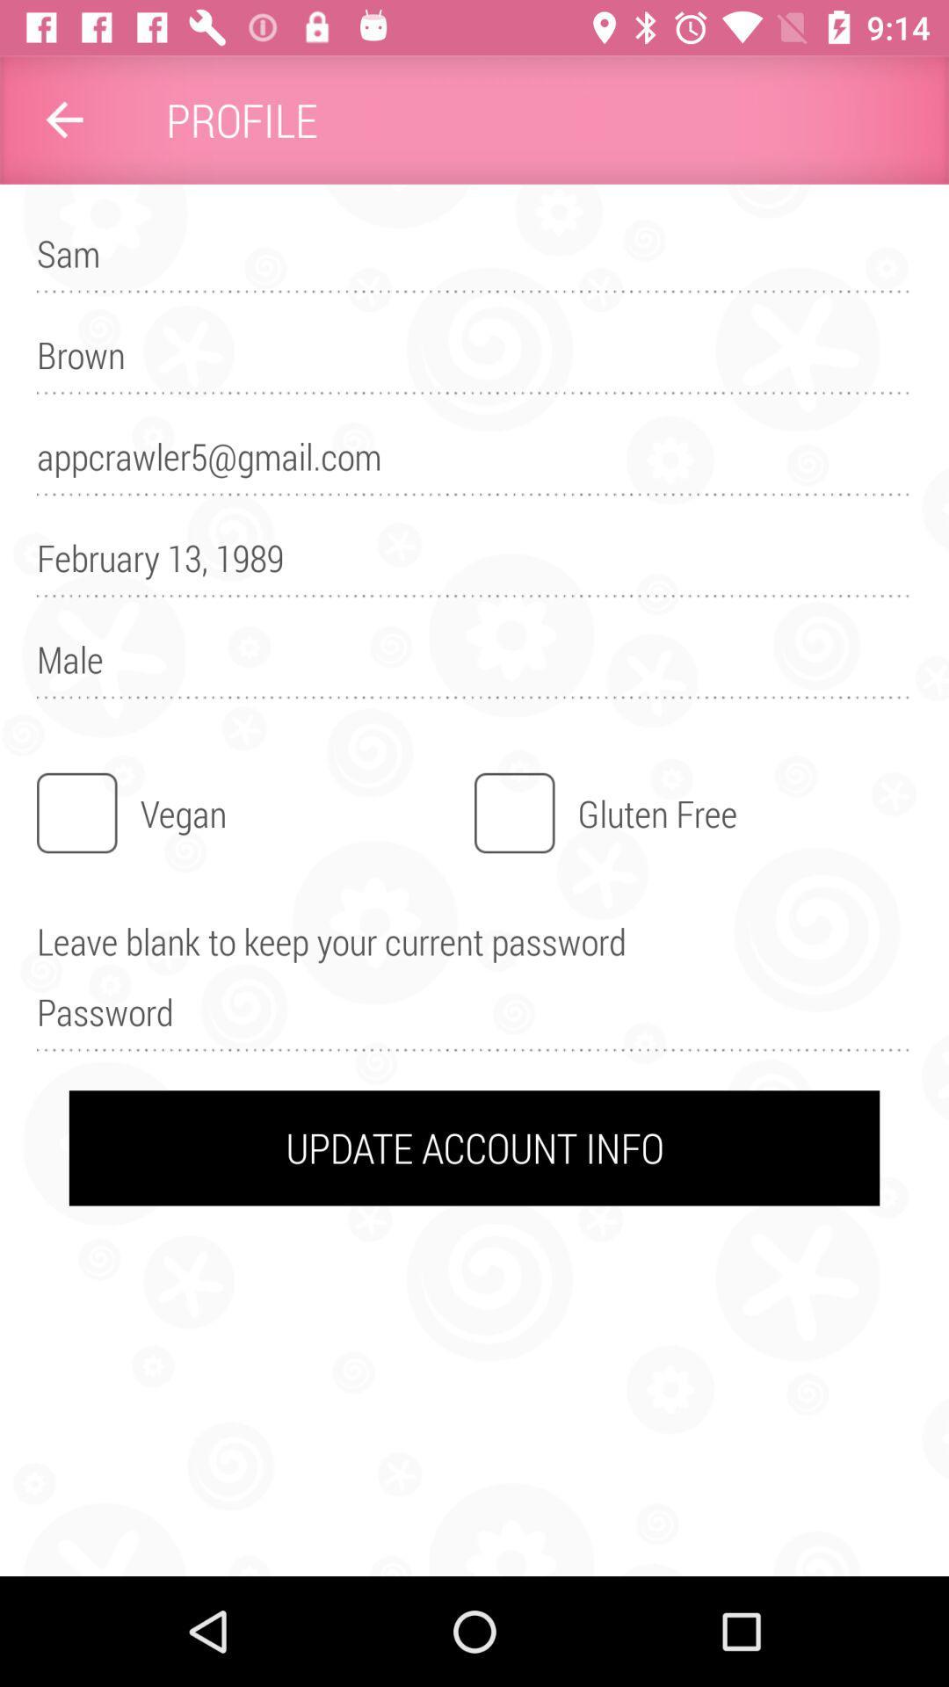 Image resolution: width=949 pixels, height=1687 pixels. What do you see at coordinates (474, 1020) in the screenshot?
I see `the icon above the update account info item` at bounding box center [474, 1020].